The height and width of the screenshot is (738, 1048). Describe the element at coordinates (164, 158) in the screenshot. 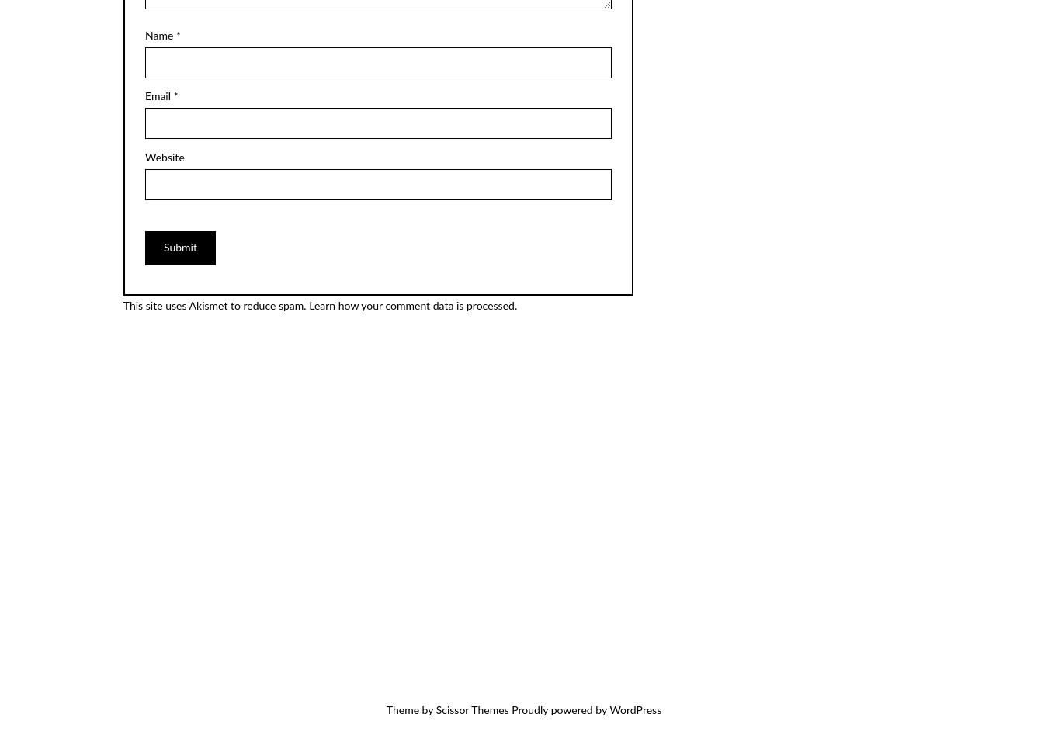

I see `'Website'` at that location.